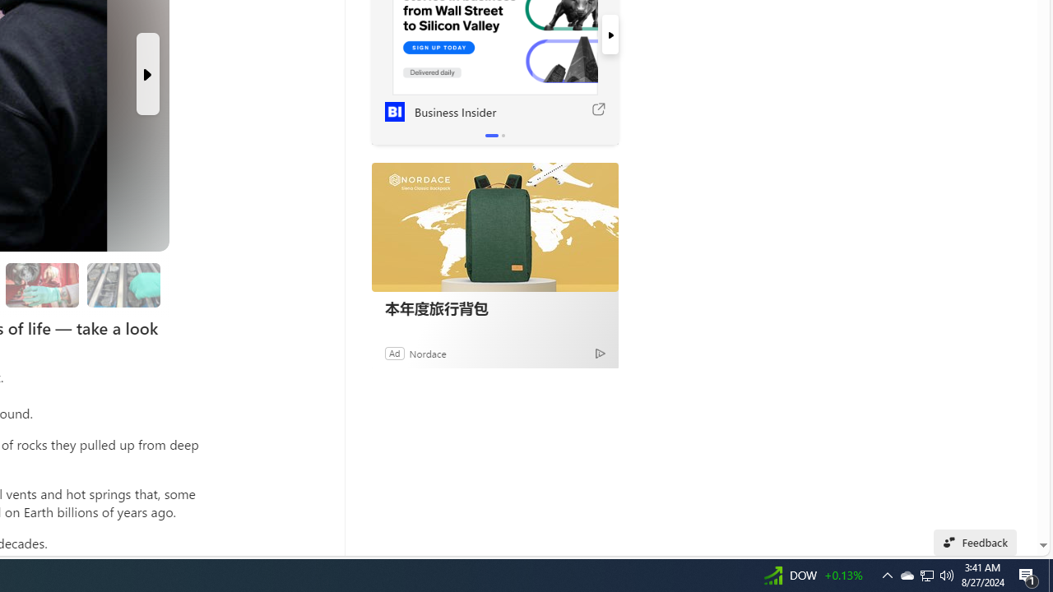 The width and height of the screenshot is (1053, 592). I want to click on 'Class: progress', so click(123, 281).